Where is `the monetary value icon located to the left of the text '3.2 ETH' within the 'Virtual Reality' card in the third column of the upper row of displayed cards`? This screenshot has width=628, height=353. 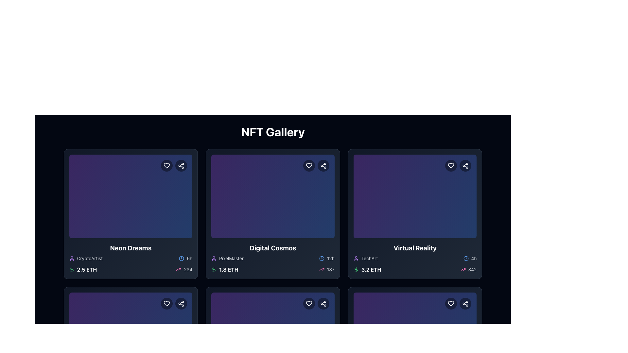
the monetary value icon located to the left of the text '3.2 ETH' within the 'Virtual Reality' card in the third column of the upper row of displayed cards is located at coordinates (356, 270).